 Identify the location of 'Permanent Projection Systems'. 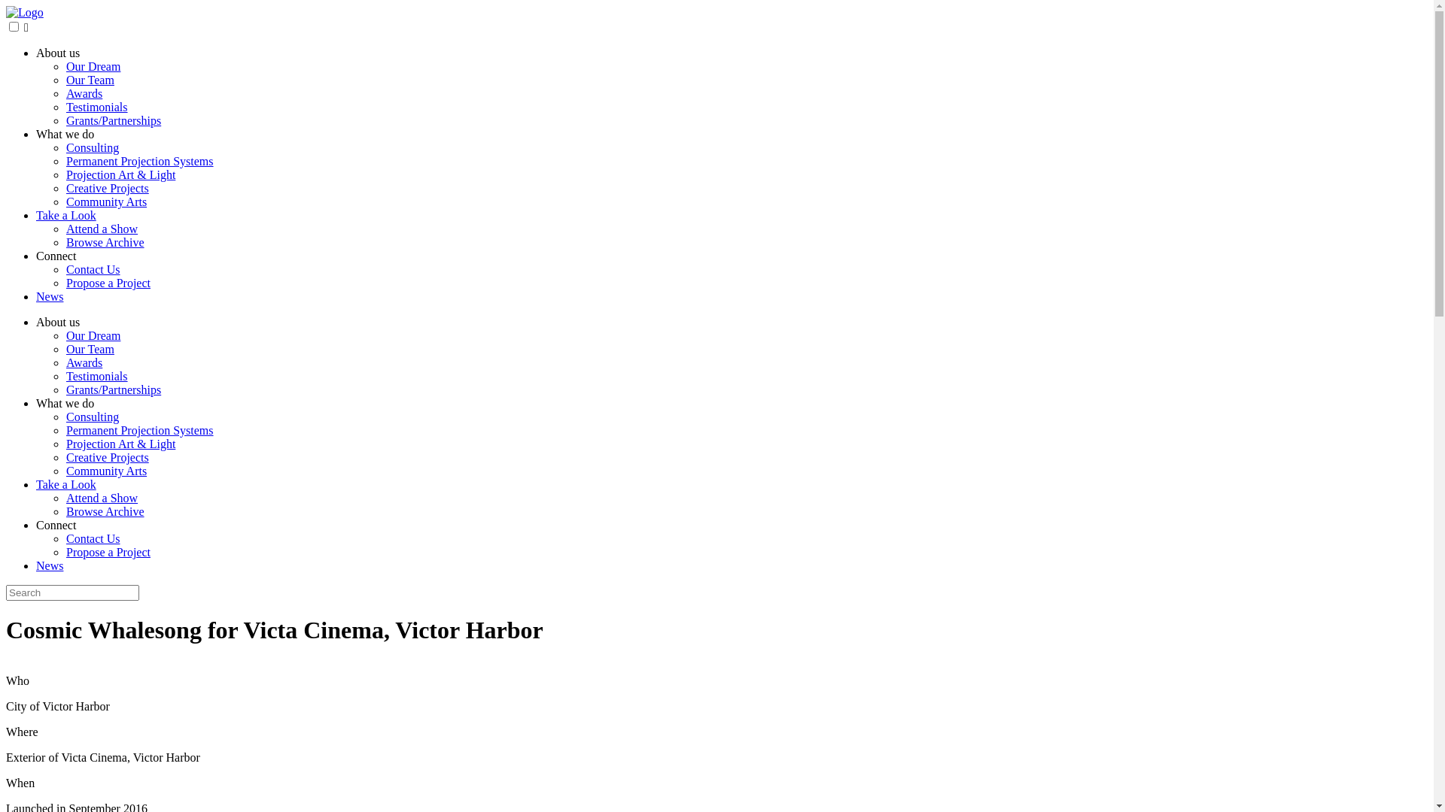
(140, 430).